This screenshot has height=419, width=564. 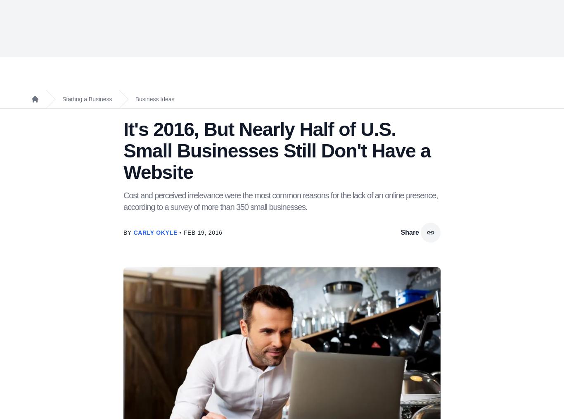 I want to click on 'Websites', so click(x=305, y=36).